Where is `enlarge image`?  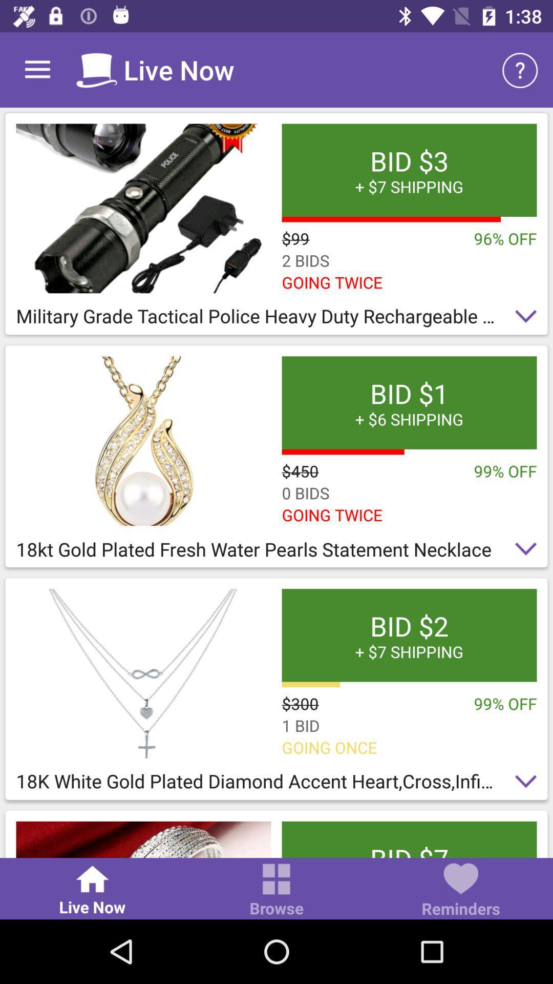 enlarge image is located at coordinates (143, 839).